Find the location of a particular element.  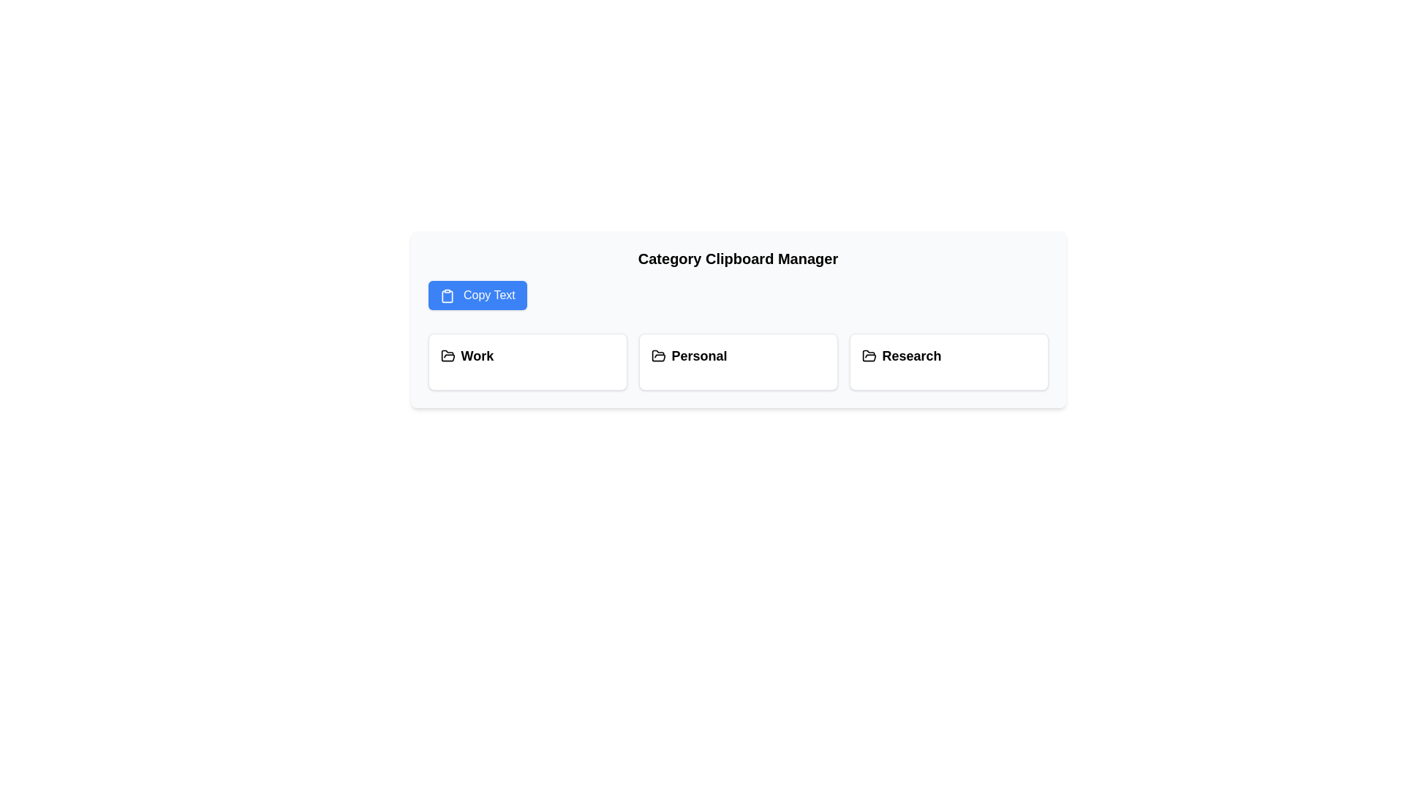

the folder icon representing the 'Work' category, which is located to the left of the text label 'Work' is located at coordinates (447, 355).